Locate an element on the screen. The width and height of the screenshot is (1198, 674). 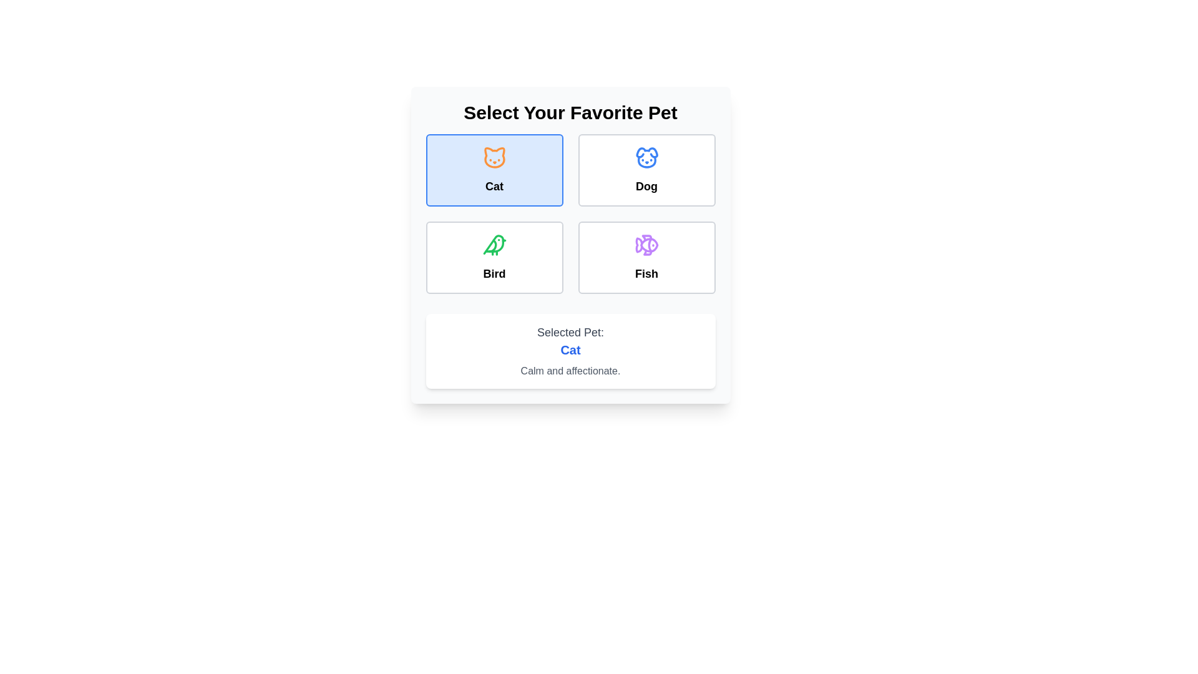
the 'Cat' icon in the pet selection interface, located in the top-left box of the grid layout above the label 'Cat' is located at coordinates (494, 157).